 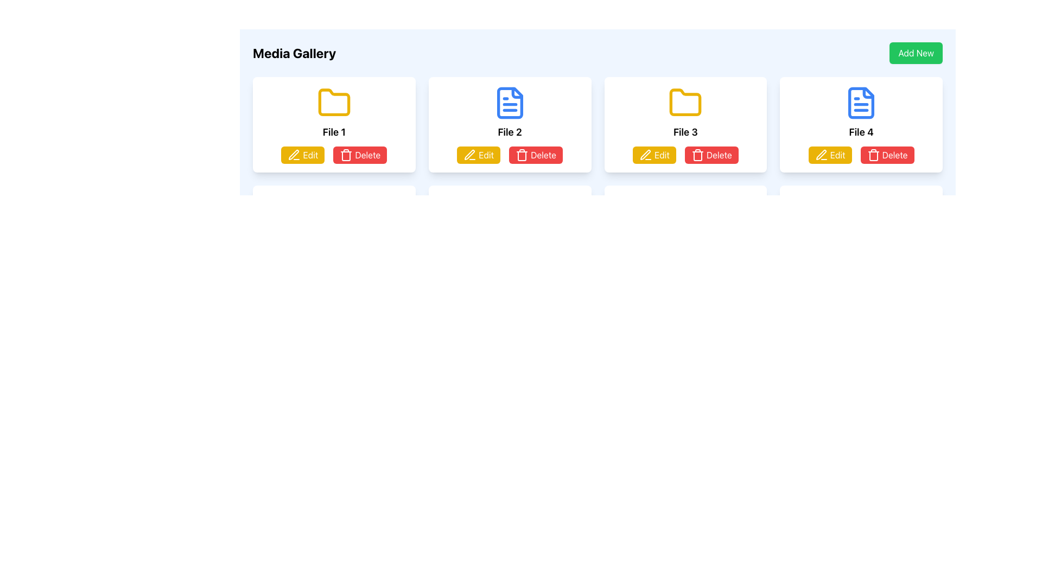 What do you see at coordinates (645, 155) in the screenshot?
I see `the small yellow pencil icon that is part of the 'Edit' button for the third item labeled 'File 3' in the media gallery grid layout` at bounding box center [645, 155].